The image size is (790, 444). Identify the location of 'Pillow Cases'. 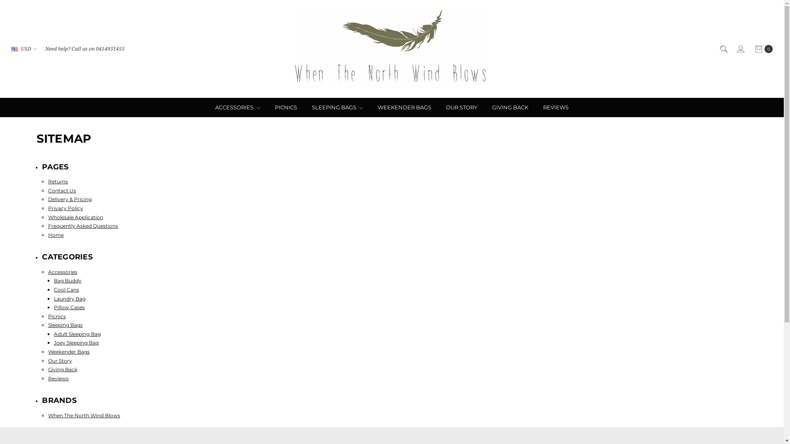
(69, 307).